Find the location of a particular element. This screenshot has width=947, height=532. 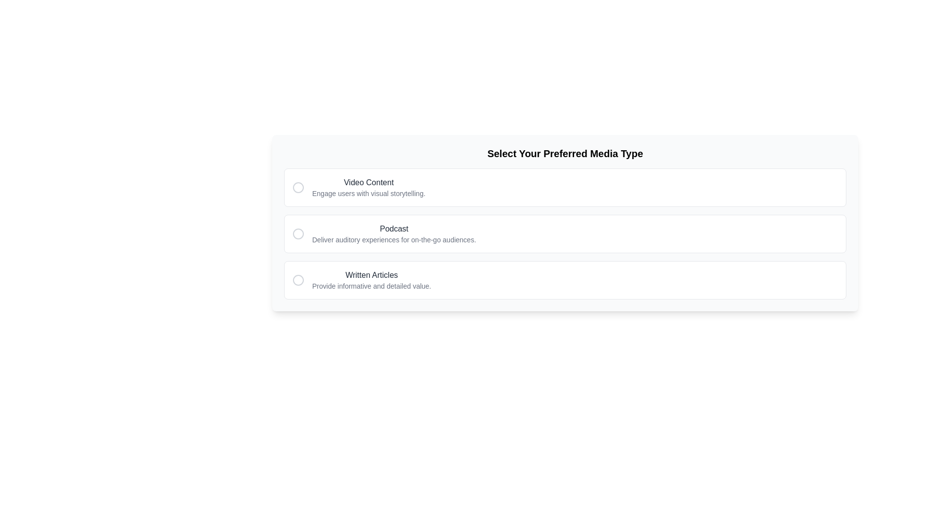

the icon located to the left of the 'Video Content' text label is located at coordinates (297, 188).